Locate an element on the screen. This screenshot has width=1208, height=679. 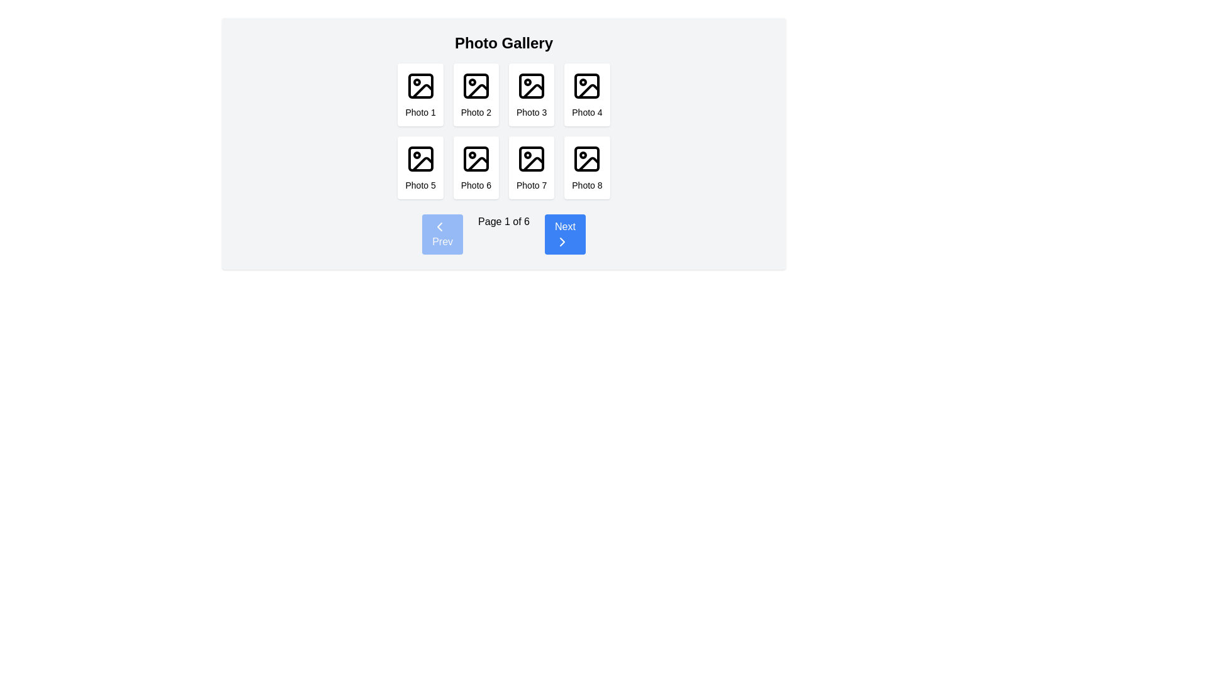
the tile labeled 'Photo 6' in the gallery is located at coordinates (475, 167).